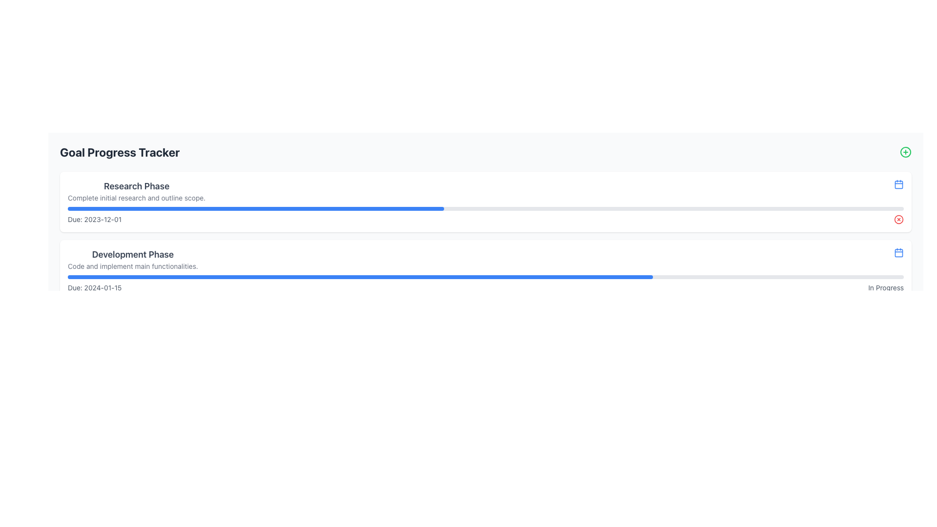 This screenshot has width=937, height=527. I want to click on the text label that informs the user about the due date of the respective task, located within the 'Research Phase' task card, below the progress bar and aligned with the red cross icon, so click(486, 220).